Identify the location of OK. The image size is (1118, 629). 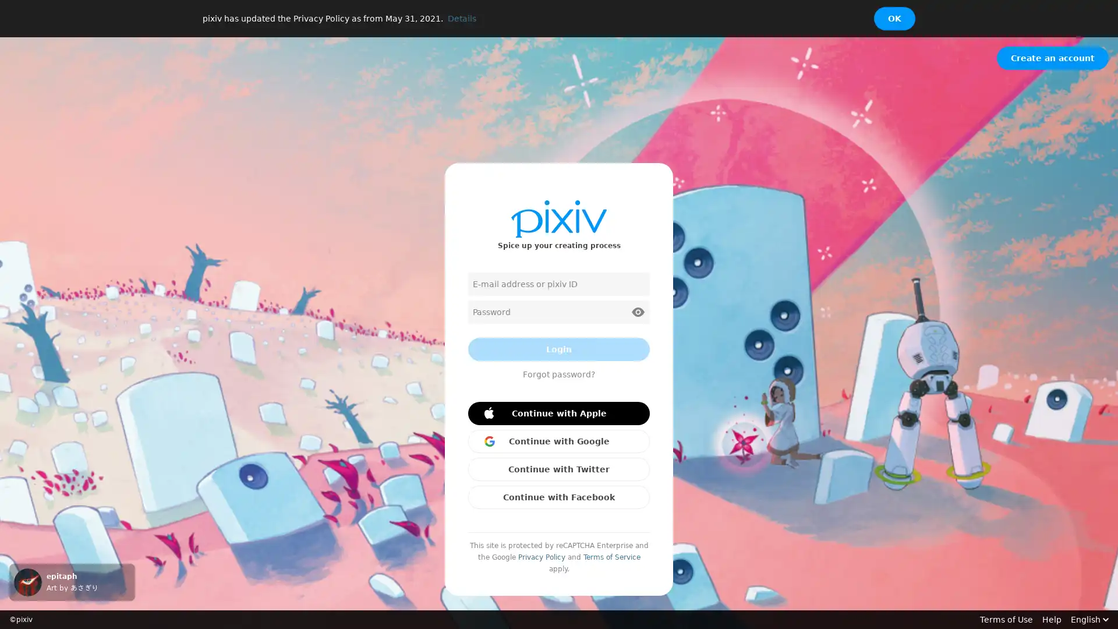
(894, 18).